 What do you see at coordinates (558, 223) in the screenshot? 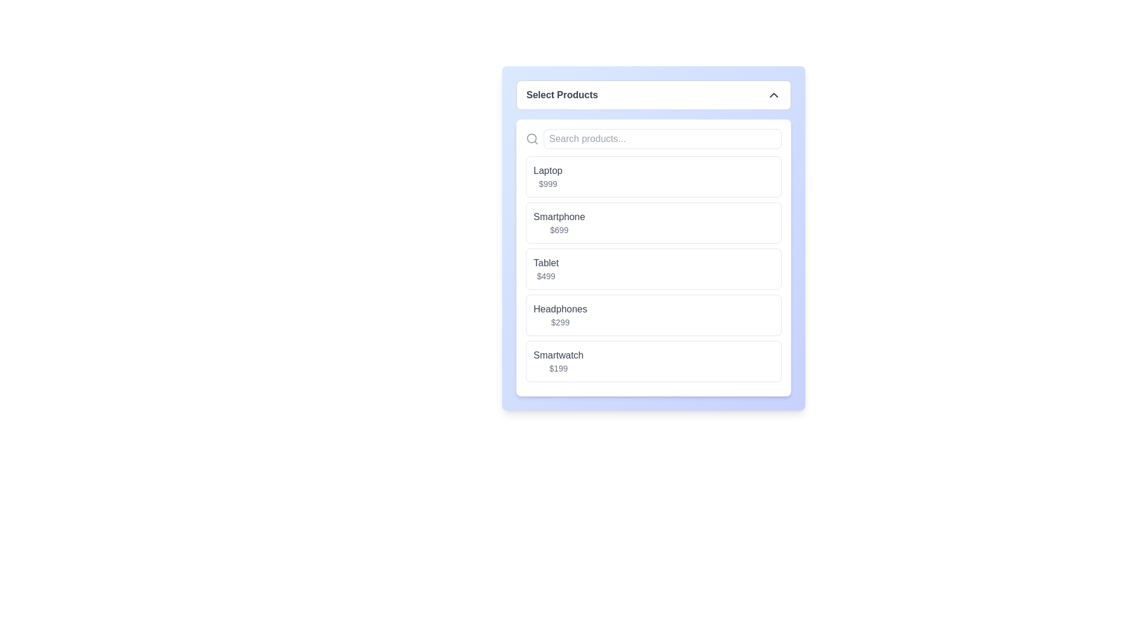
I see `the 'Smartphone' text label which is the second entry in a vertical list of selectable items in the dropdown panel, located below 'Laptop $999' and above 'Tablet $499'` at bounding box center [558, 223].